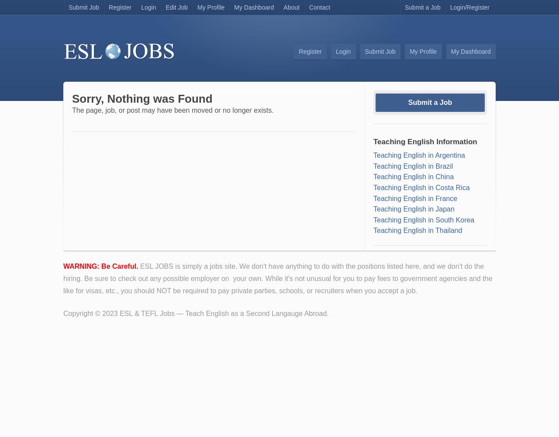  What do you see at coordinates (421, 187) in the screenshot?
I see `'Teaching English in Costa Rica'` at bounding box center [421, 187].